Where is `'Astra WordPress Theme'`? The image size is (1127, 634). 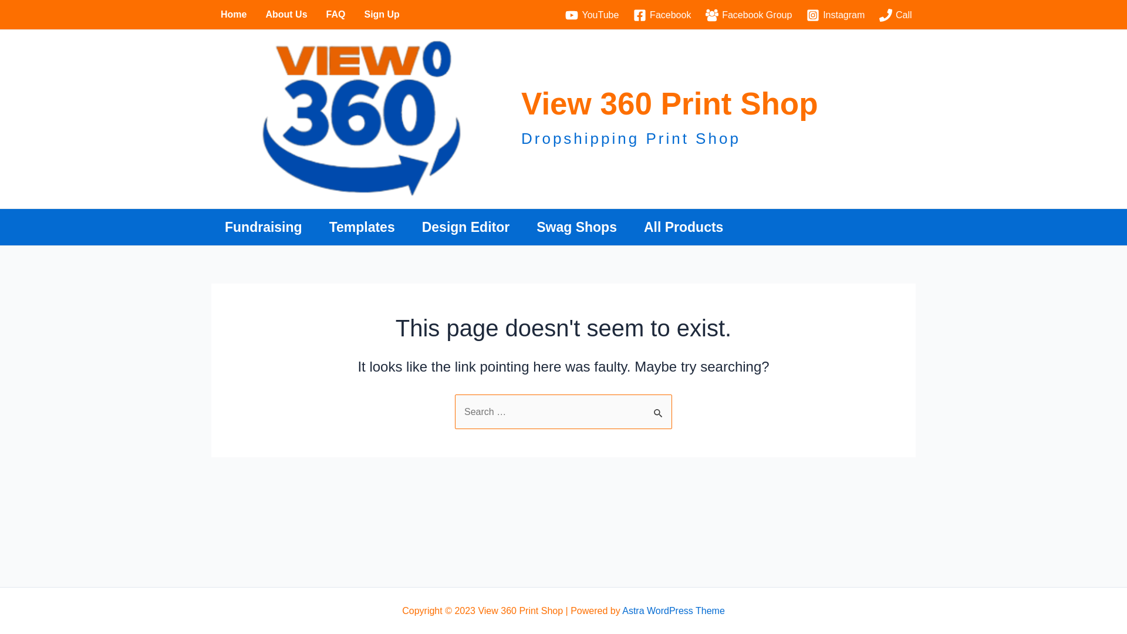 'Astra WordPress Theme' is located at coordinates (673, 610).